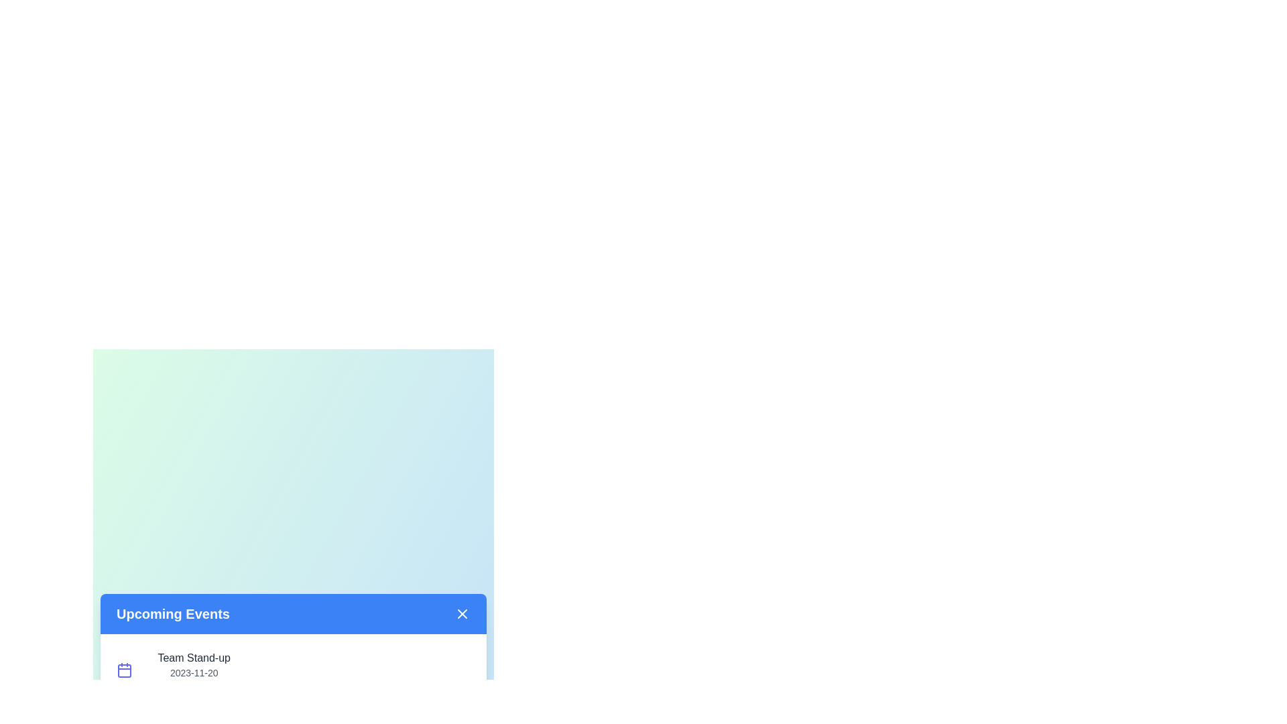  What do you see at coordinates (125, 670) in the screenshot?
I see `the calendar icon to view its tooltip or highlighted state` at bounding box center [125, 670].